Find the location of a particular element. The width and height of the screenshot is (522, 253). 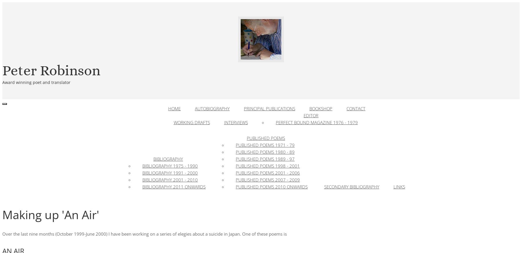

'Links' is located at coordinates (393, 186).